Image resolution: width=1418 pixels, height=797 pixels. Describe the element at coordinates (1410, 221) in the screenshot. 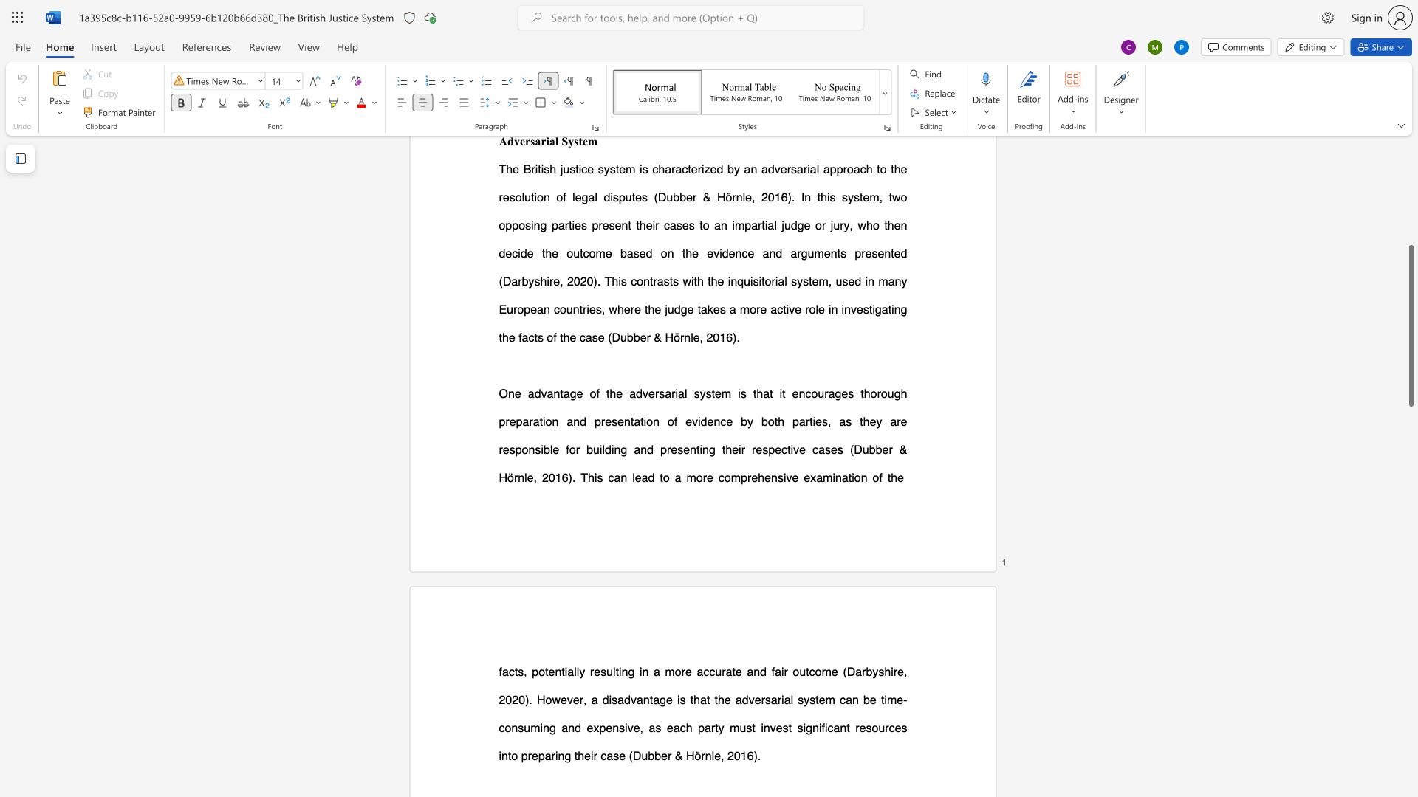

I see `the scrollbar to move the view up` at that location.